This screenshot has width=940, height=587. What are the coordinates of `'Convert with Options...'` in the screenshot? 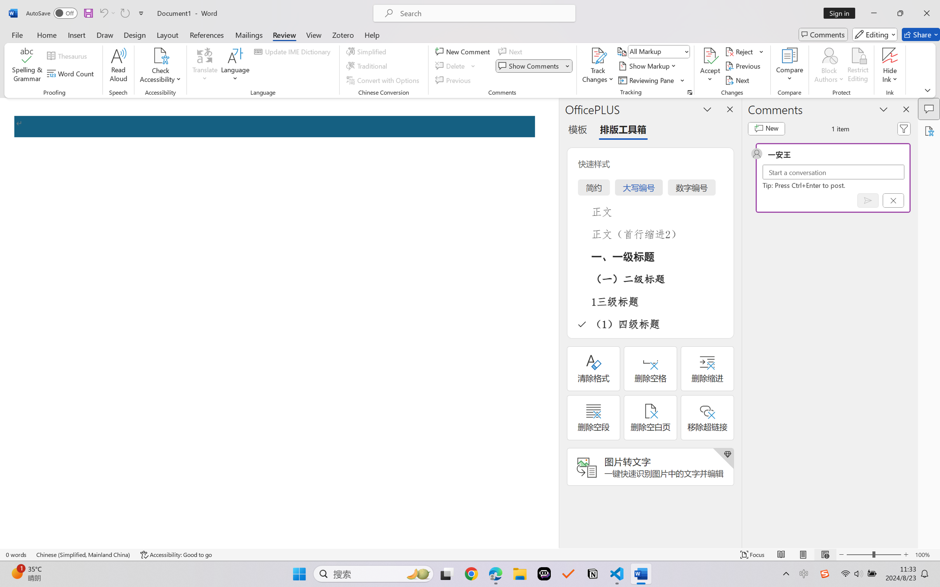 It's located at (383, 80).